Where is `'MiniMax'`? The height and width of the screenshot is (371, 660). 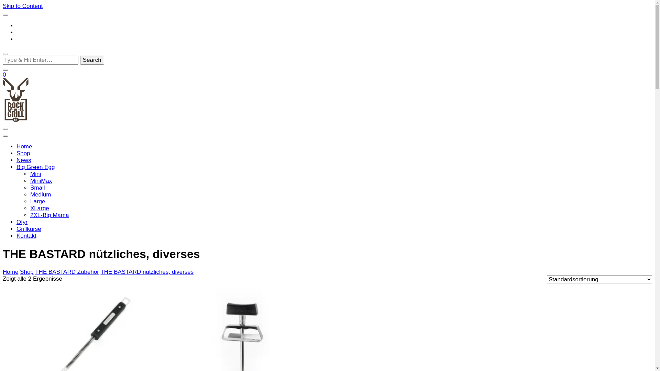 'MiniMax' is located at coordinates (41, 180).